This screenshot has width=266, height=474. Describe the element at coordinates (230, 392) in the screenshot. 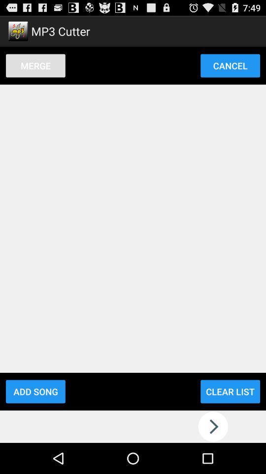

I see `the button next to add song button` at that location.